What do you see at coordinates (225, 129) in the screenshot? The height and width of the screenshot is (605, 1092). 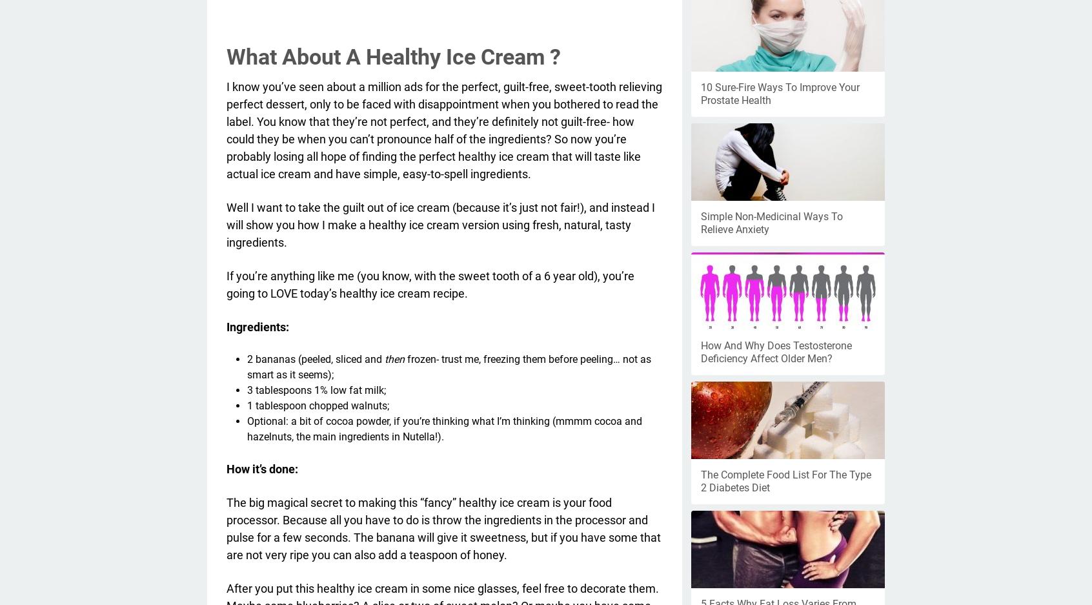 I see `'I know you’ve seen about a million ads for the perfect, guilt-free, sweet-tooth relieving perfect dessert, only to be faced with disappointment when you bothered to read the label. You know that they’re not perfect, and they’re definitely not guilt-free- how could they be when you can’t pronounce half of the ingredients? So now you’re probably losing all hope of finding the perfect healthy ice cream that will taste like actual ice cream and have simple, easy-to-spell ingredients.'` at bounding box center [225, 129].